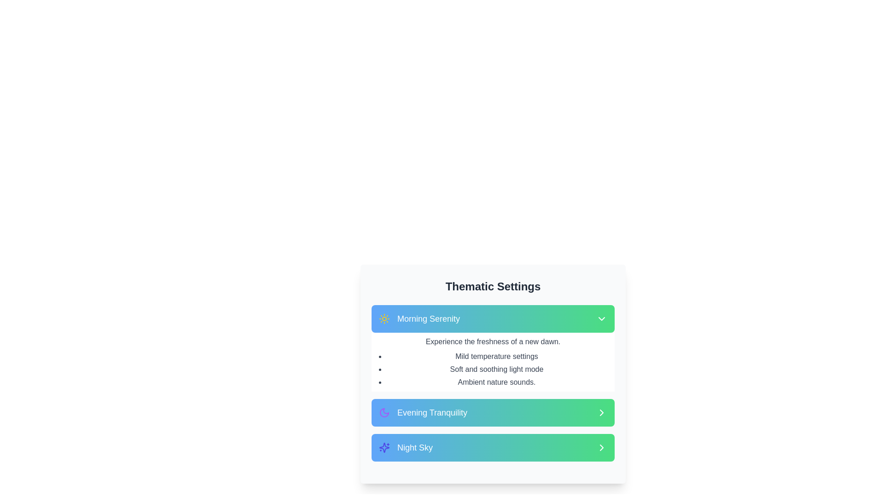  I want to click on text content of the Information display section for 'Morning Serenity', which is the first entry in the collapsible header within the 'Thematic Settings' section, so click(492, 348).